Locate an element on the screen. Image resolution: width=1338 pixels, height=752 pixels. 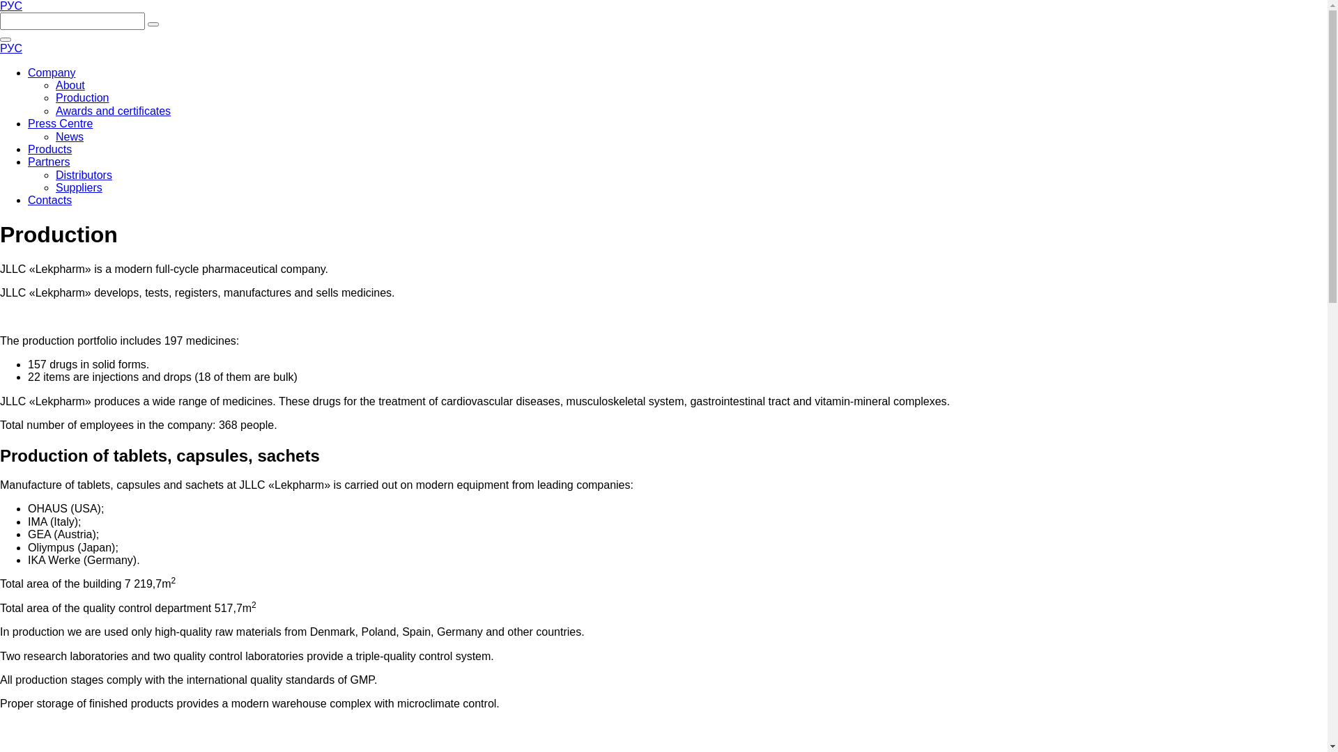
'Suppliers' is located at coordinates (78, 187).